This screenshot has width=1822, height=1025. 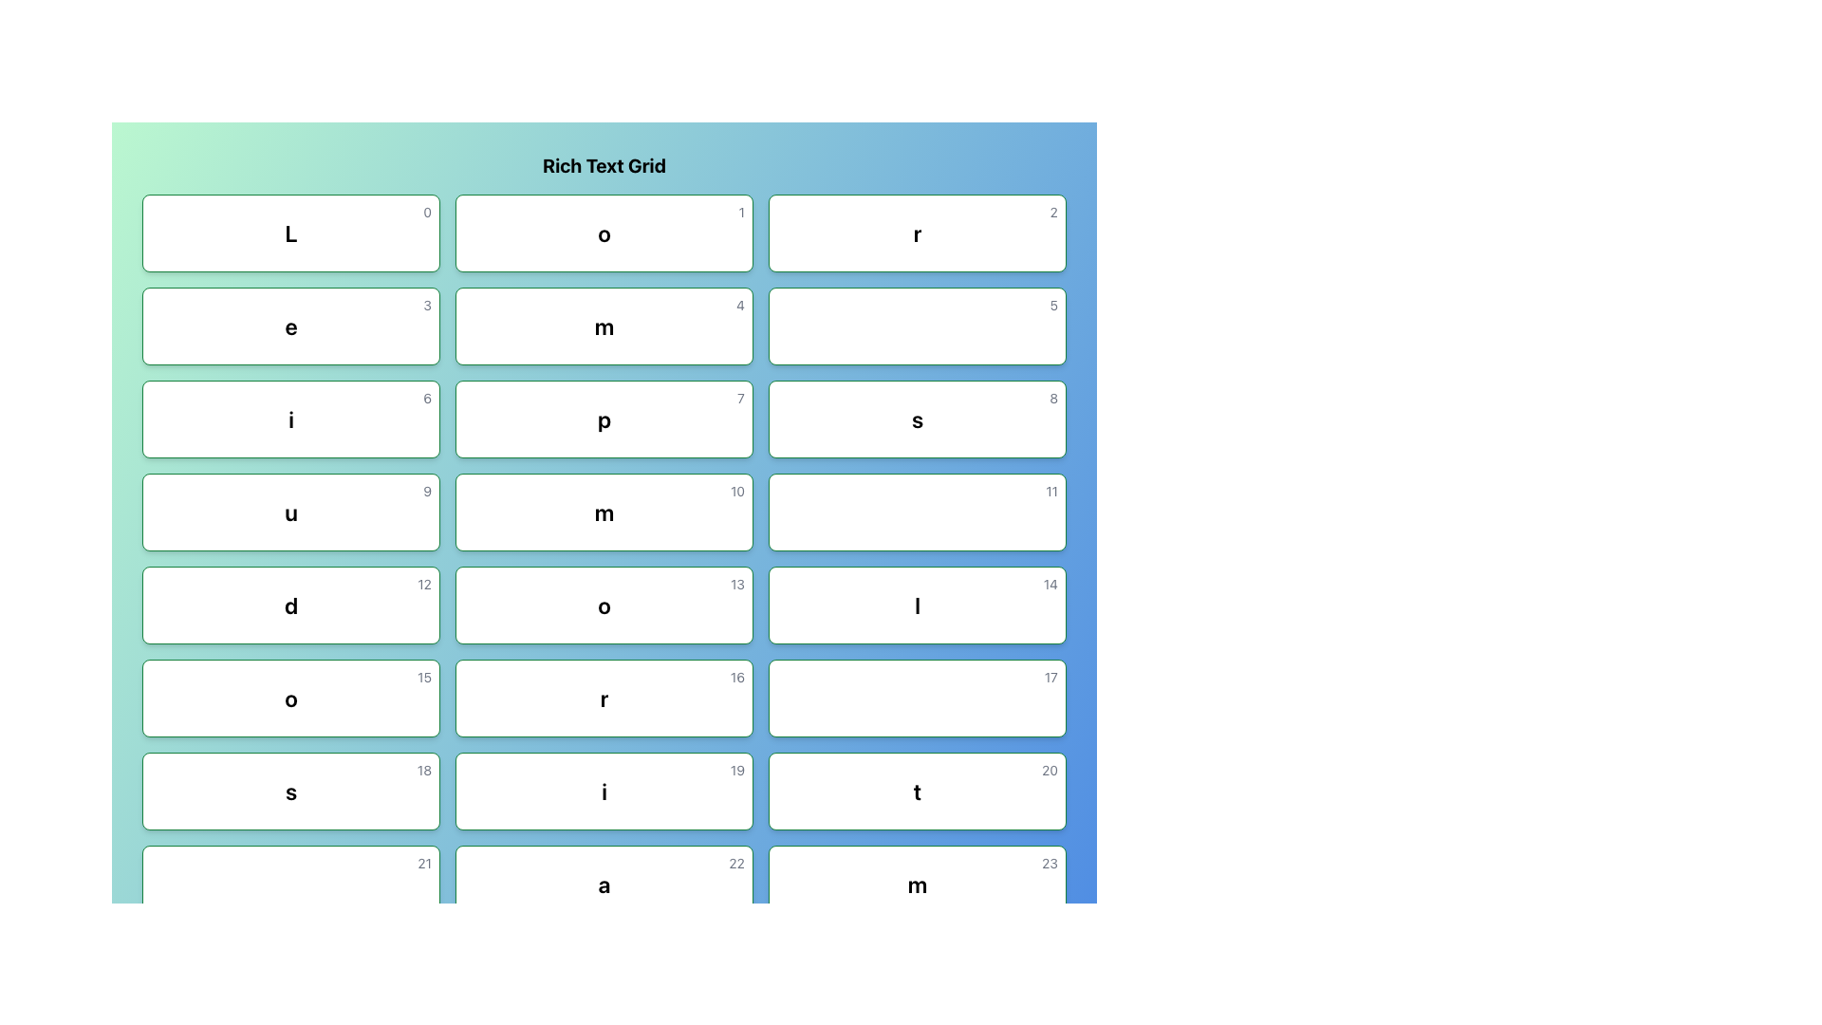 What do you see at coordinates (1049, 771) in the screenshot?
I see `the Text Label displaying the number '20', which is located at the top-right corner of a card component with a white background and green border` at bounding box center [1049, 771].